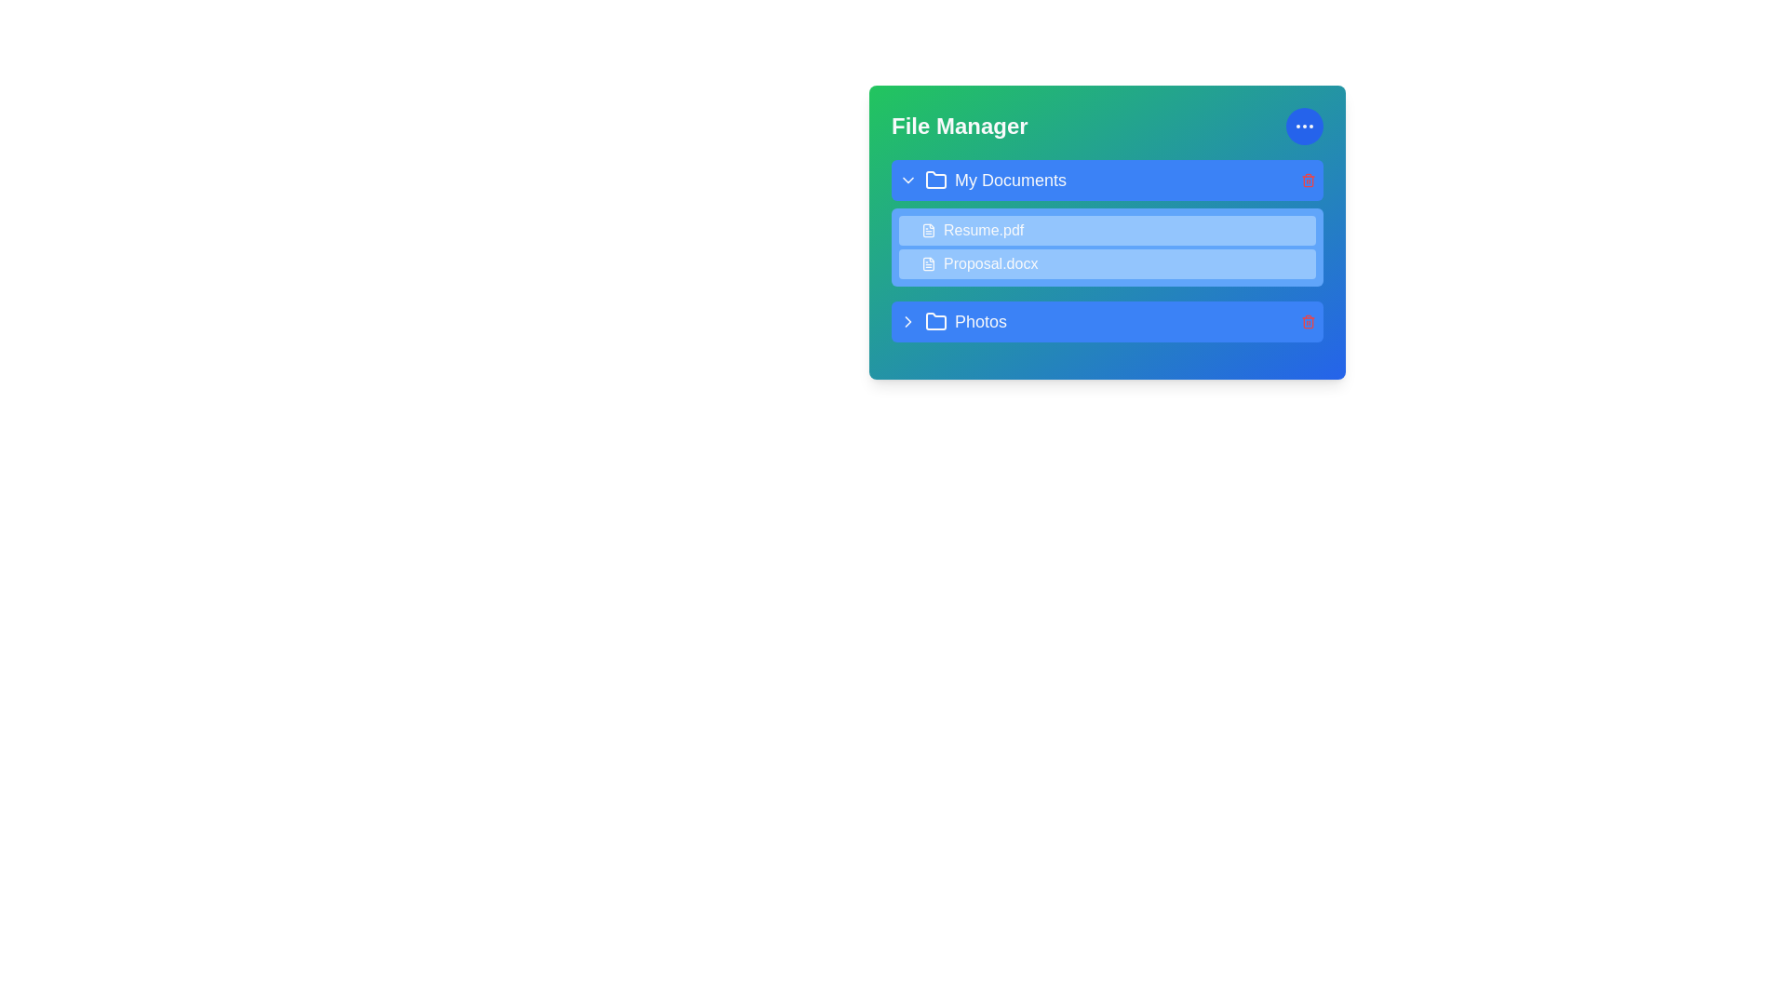 Image resolution: width=1787 pixels, height=1005 pixels. What do you see at coordinates (936, 180) in the screenshot?
I see `the folder icon located to the left of the text 'My Documents', which is styled with a simple outline and has a rectangular shape with a tab on its upper left corner` at bounding box center [936, 180].